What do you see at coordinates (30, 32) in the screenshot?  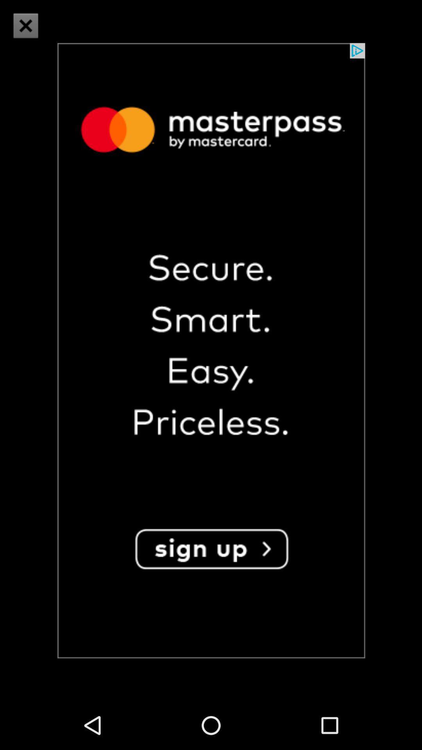 I see `the close icon` at bounding box center [30, 32].